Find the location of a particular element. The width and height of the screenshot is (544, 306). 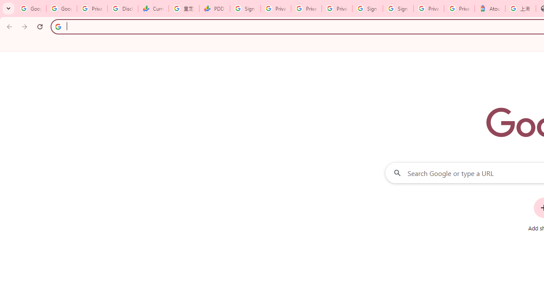

'Privacy Checkup' is located at coordinates (306, 8).